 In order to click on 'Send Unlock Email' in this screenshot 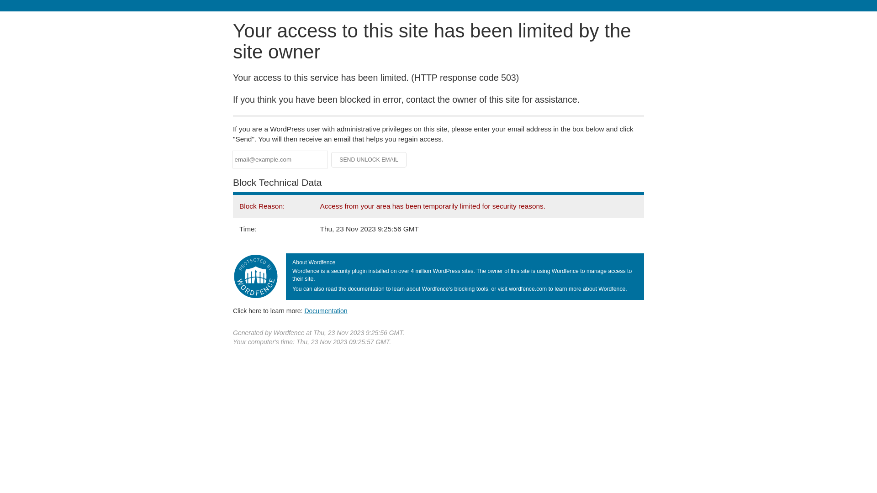, I will do `click(369, 159)`.